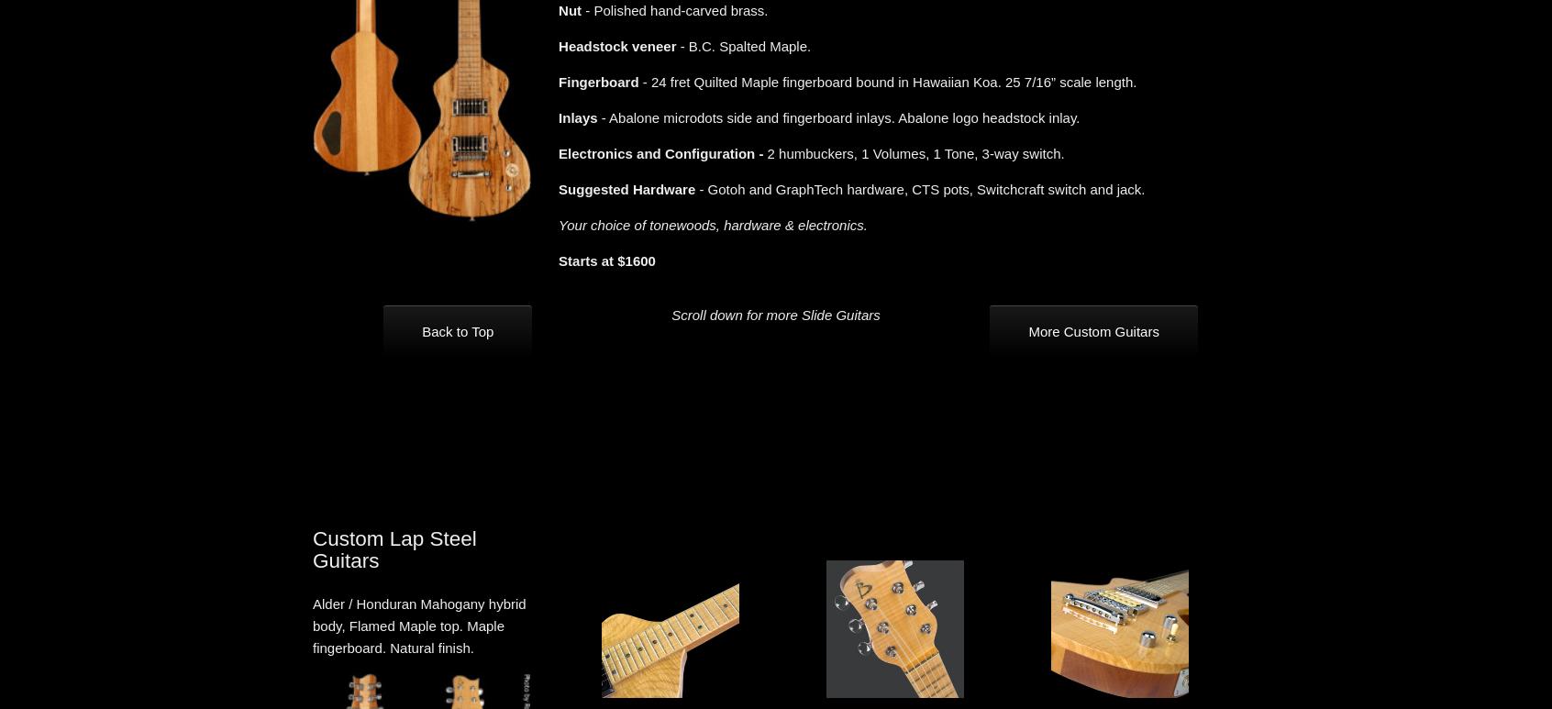  I want to click on 'More Custom Guitars', so click(1027, 331).